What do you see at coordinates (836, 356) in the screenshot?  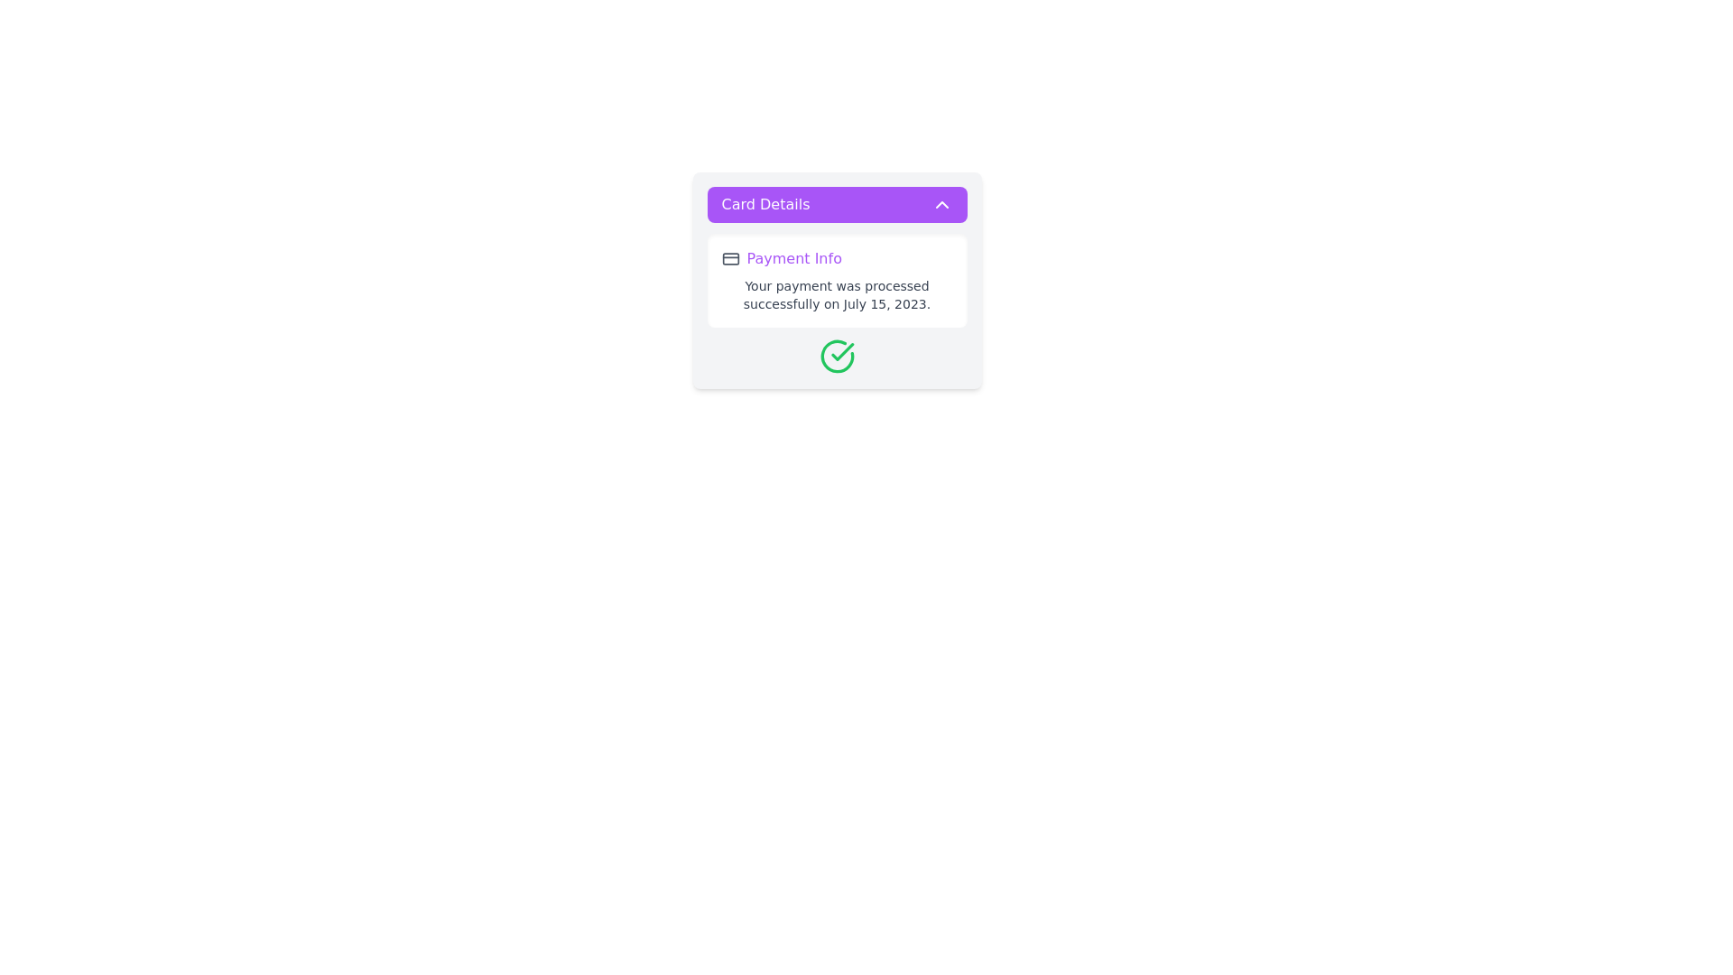 I see `the success icon located at the bottom center of the 'Card Details' component, which indicates a successful operation` at bounding box center [836, 356].